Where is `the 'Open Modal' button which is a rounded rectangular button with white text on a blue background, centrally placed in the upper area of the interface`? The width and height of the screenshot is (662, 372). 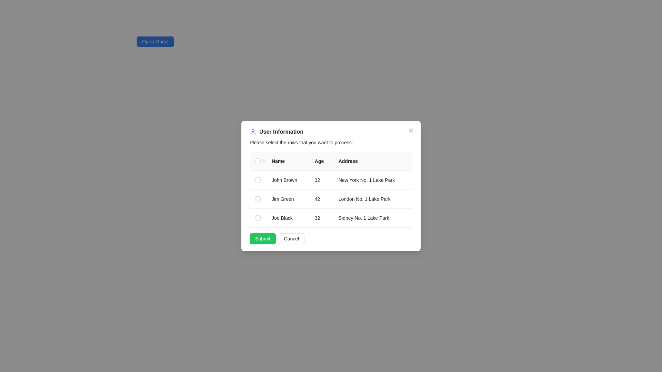 the 'Open Modal' button which is a rounded rectangular button with white text on a blue background, centrally placed in the upper area of the interface is located at coordinates (155, 41).